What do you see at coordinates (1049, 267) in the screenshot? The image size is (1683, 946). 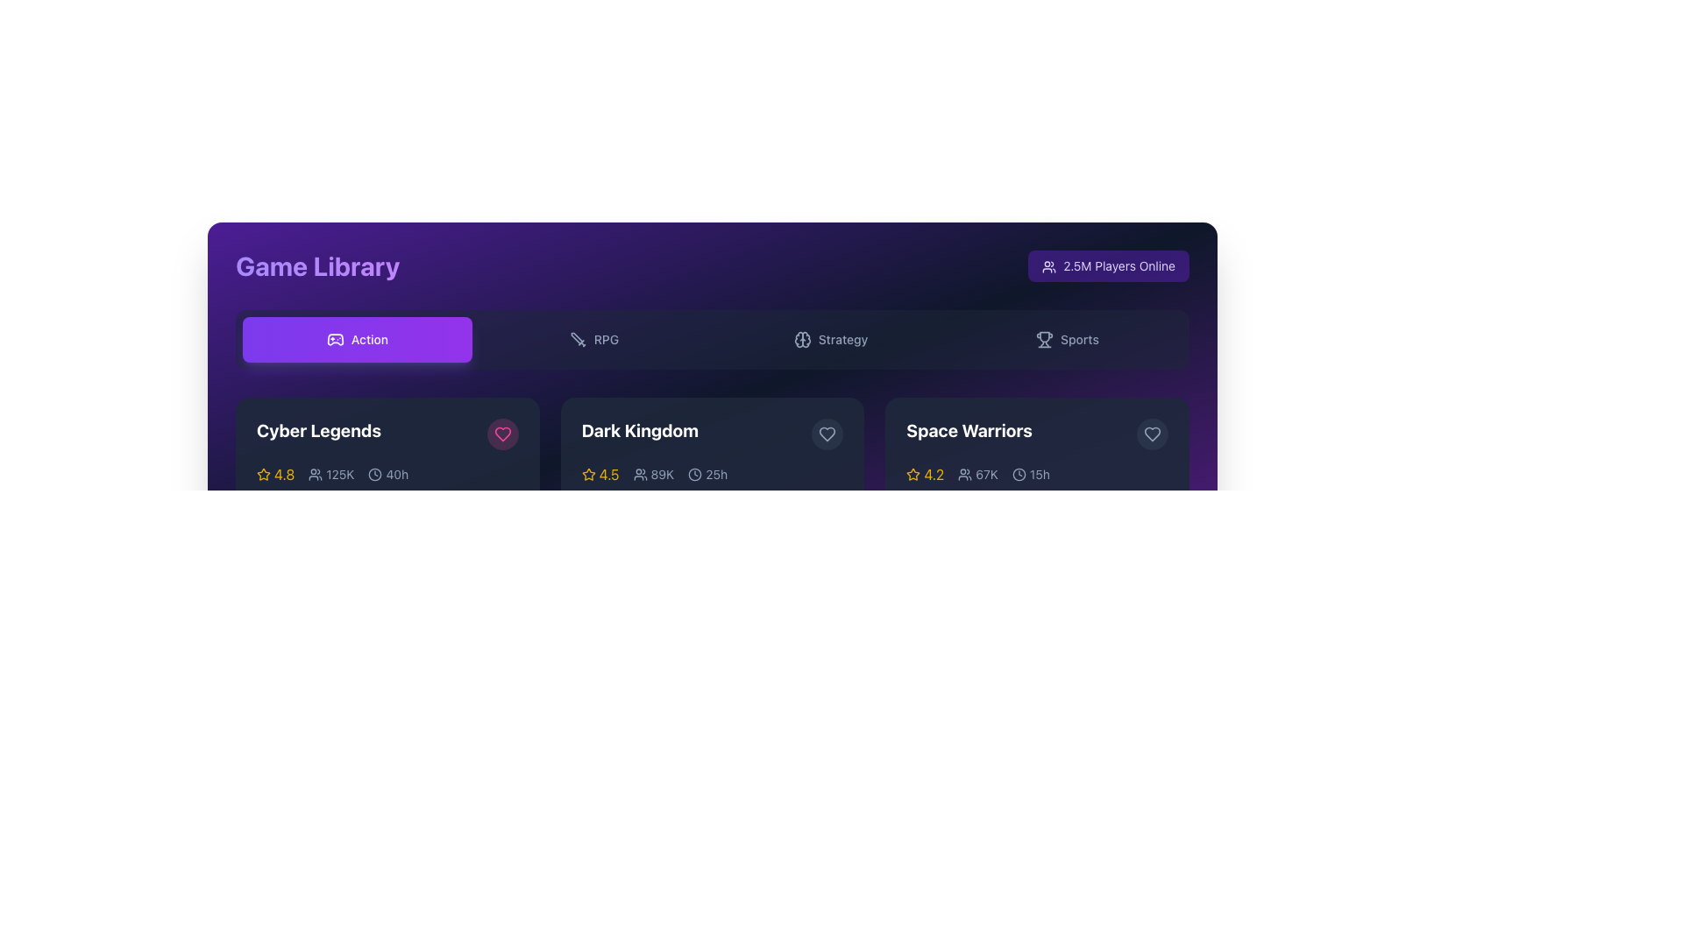 I see `the icon resembling a group of individuals, which is displayed in a minimalistic outline design and is located to the left of the text '2.5M Players Online' in the top right corner of the purple interface background` at bounding box center [1049, 267].